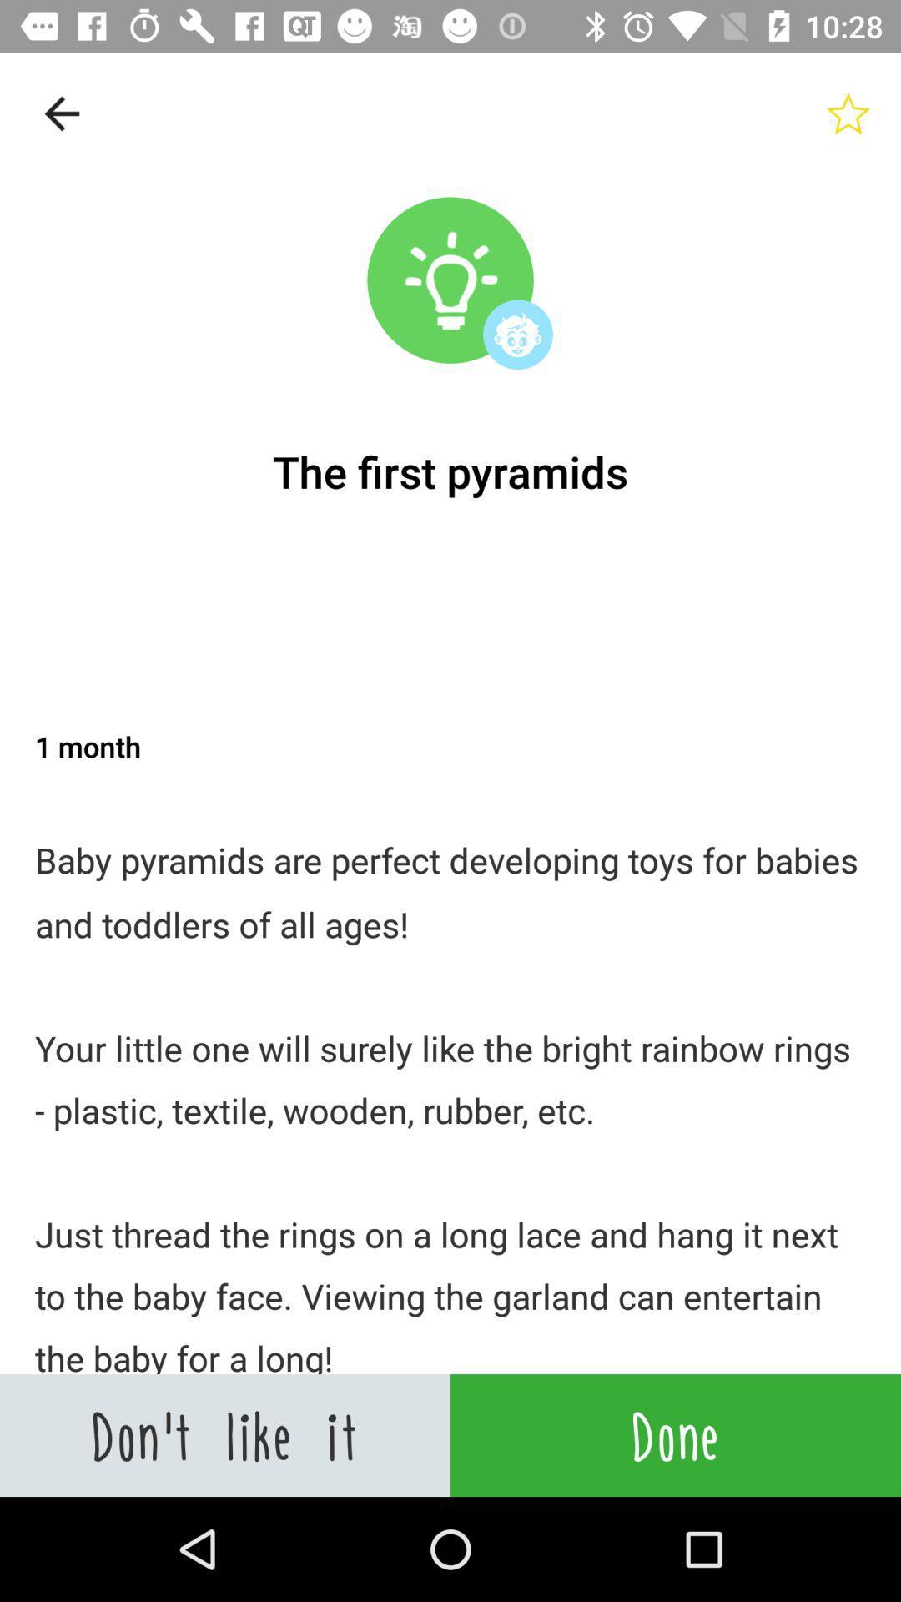 The width and height of the screenshot is (901, 1602). Describe the element at coordinates (676, 1434) in the screenshot. I see `the done icon` at that location.